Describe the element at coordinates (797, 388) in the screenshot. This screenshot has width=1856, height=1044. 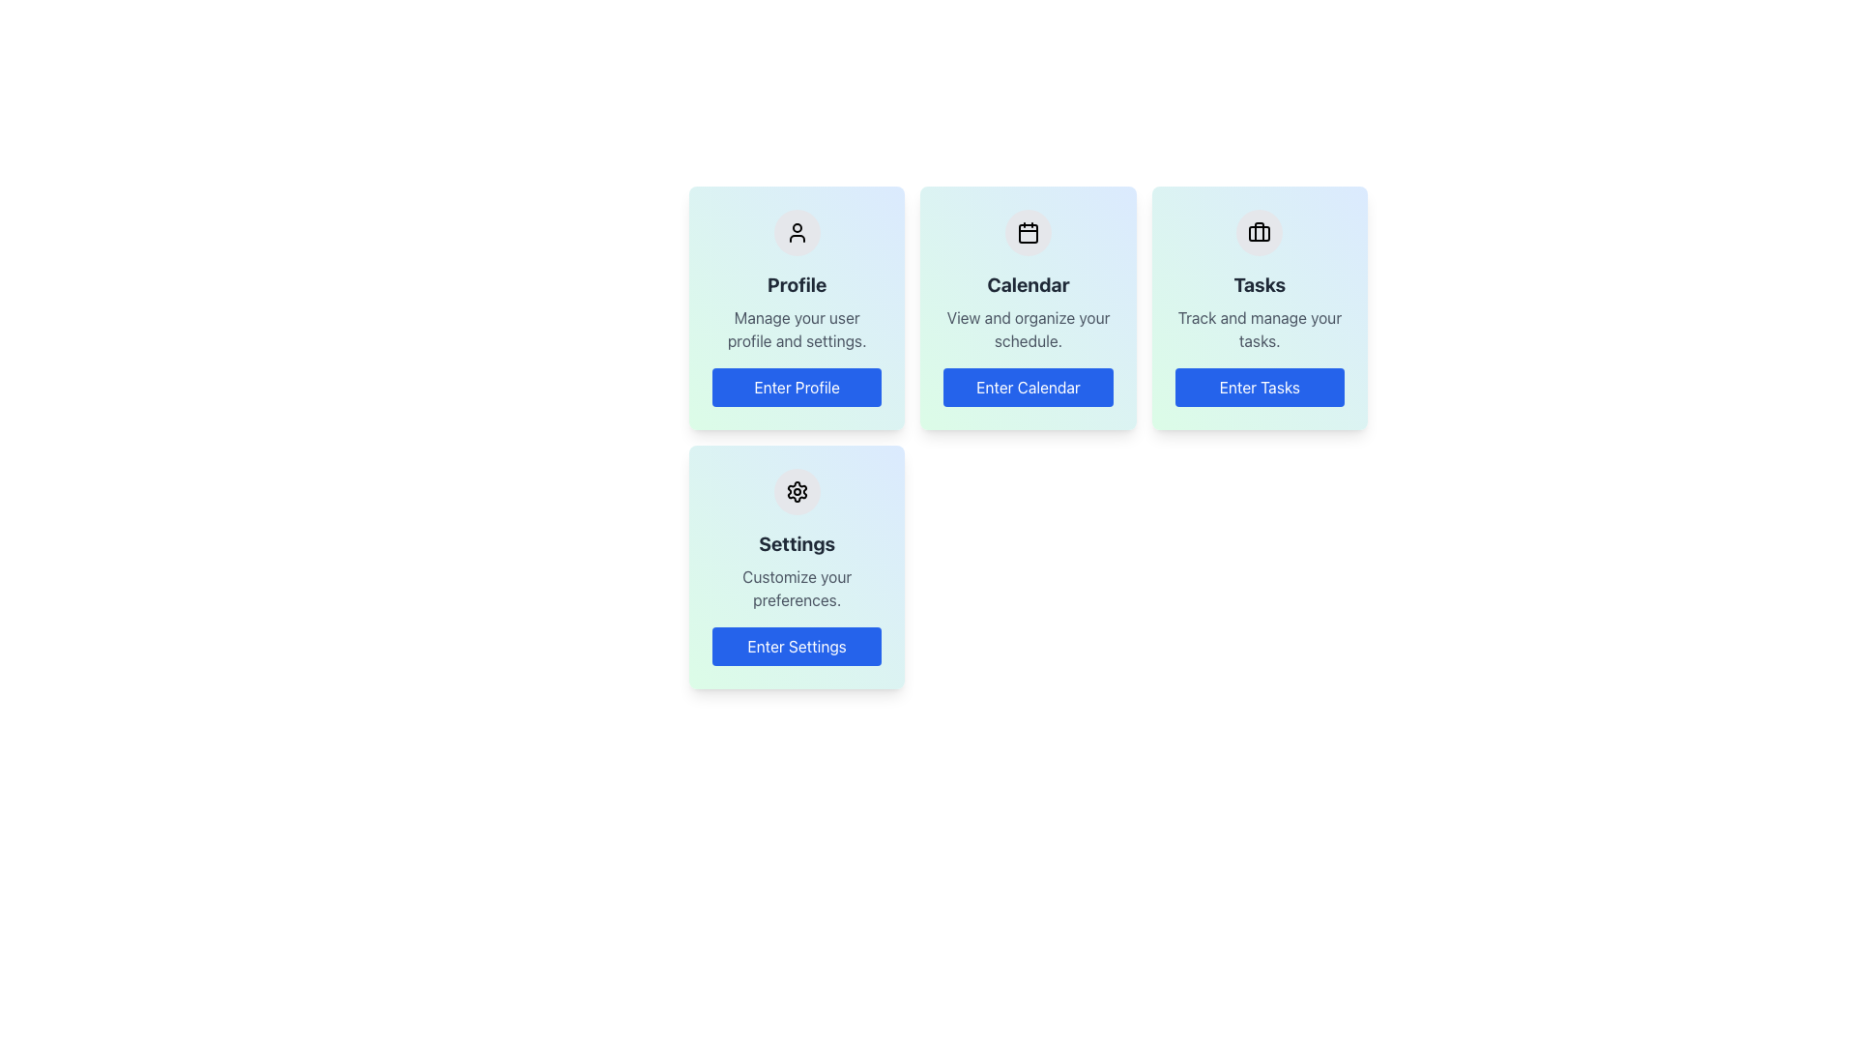
I see `the 'Enter Profile' button located at the bottom of the 'Profile' card to observe the hover effect` at that location.